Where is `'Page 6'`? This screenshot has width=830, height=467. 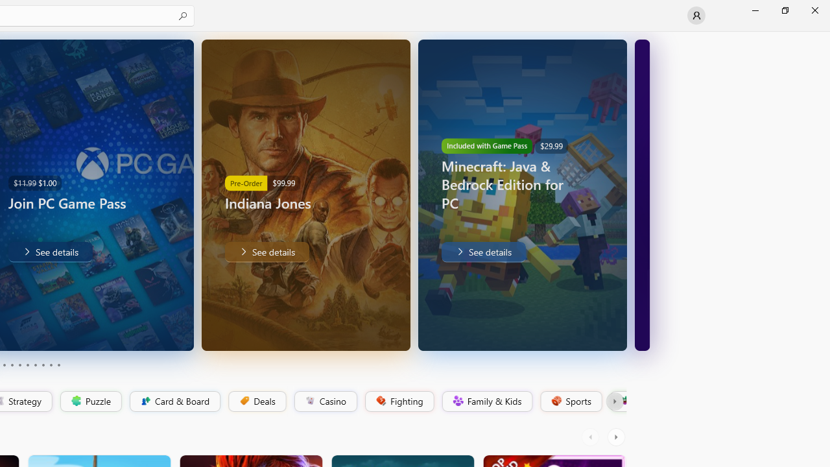
'Page 6' is located at coordinates (27, 365).